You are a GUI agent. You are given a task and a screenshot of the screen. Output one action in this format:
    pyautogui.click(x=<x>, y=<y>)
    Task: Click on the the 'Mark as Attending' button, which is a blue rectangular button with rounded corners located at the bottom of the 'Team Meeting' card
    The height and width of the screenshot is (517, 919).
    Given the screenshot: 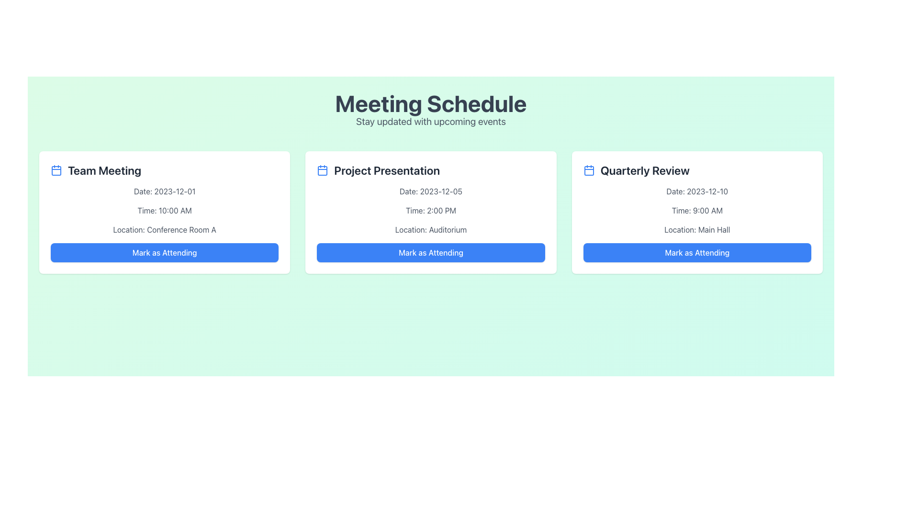 What is the action you would take?
    pyautogui.click(x=165, y=252)
    